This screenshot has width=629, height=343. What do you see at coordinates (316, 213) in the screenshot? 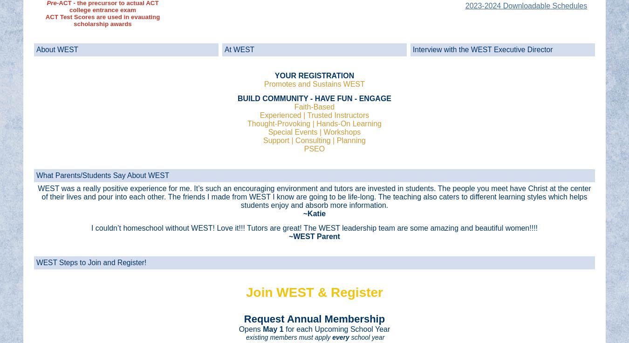
I see `'Katie'` at bounding box center [316, 213].